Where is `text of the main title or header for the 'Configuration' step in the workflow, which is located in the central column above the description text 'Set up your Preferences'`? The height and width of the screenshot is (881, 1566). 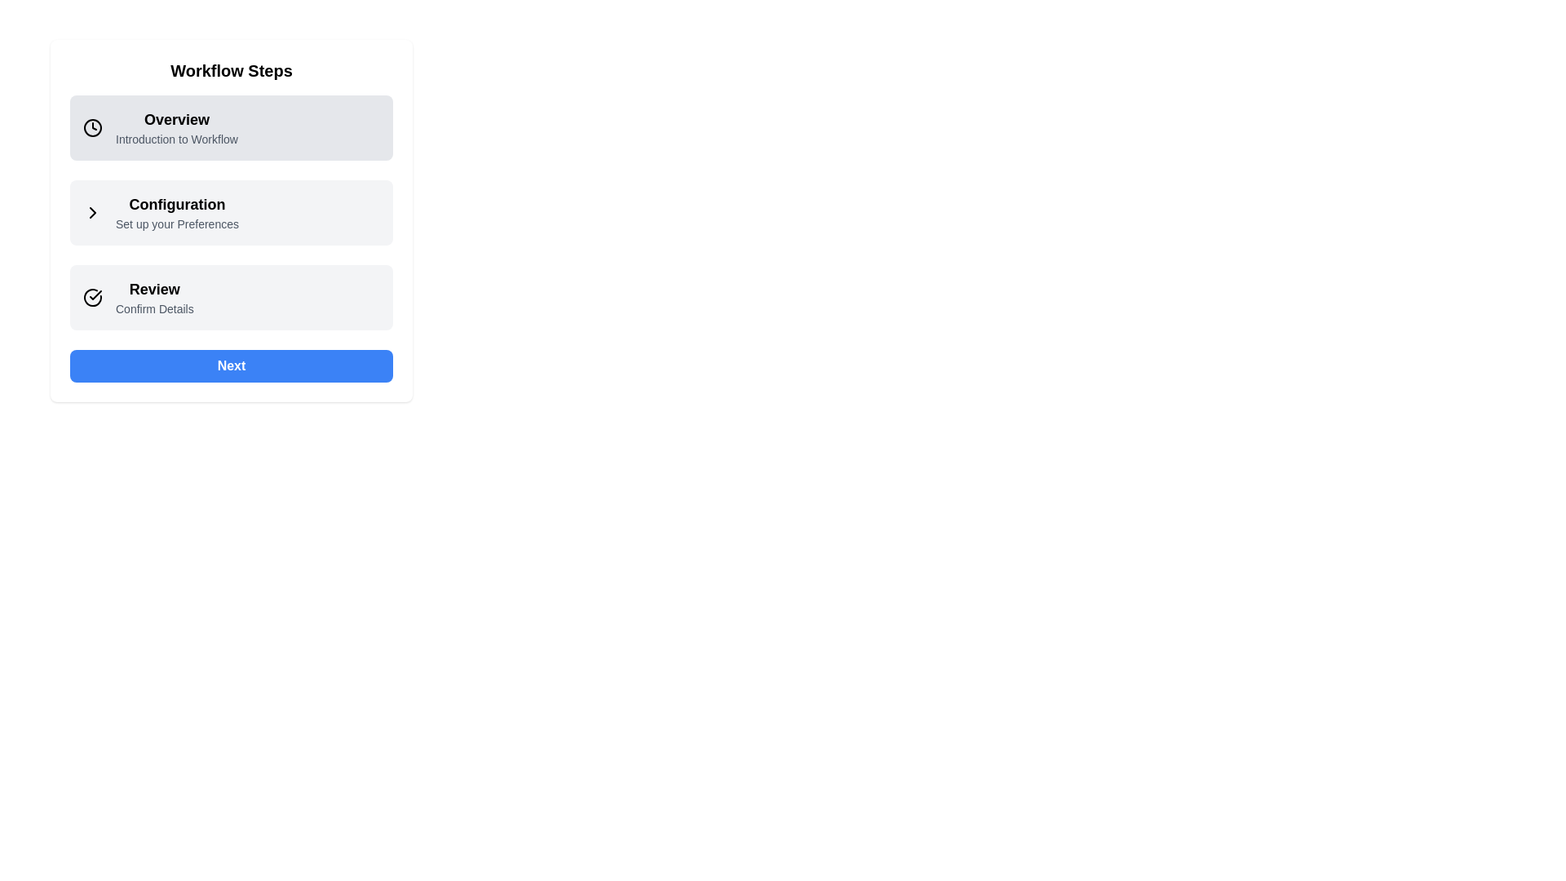 text of the main title or header for the 'Configuration' step in the workflow, which is located in the central column above the description text 'Set up your Preferences' is located at coordinates (177, 203).